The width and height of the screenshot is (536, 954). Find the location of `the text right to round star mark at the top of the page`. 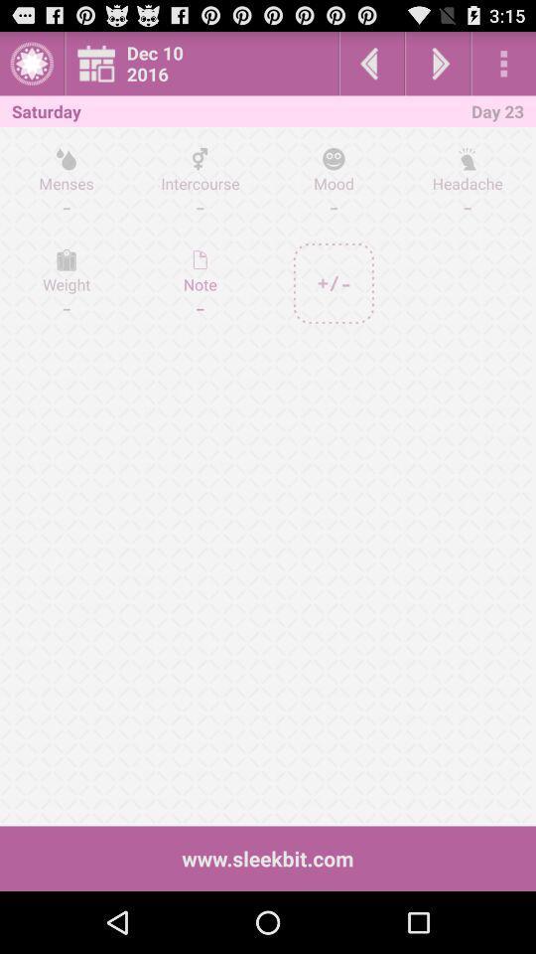

the text right to round star mark at the top of the page is located at coordinates (206, 64).